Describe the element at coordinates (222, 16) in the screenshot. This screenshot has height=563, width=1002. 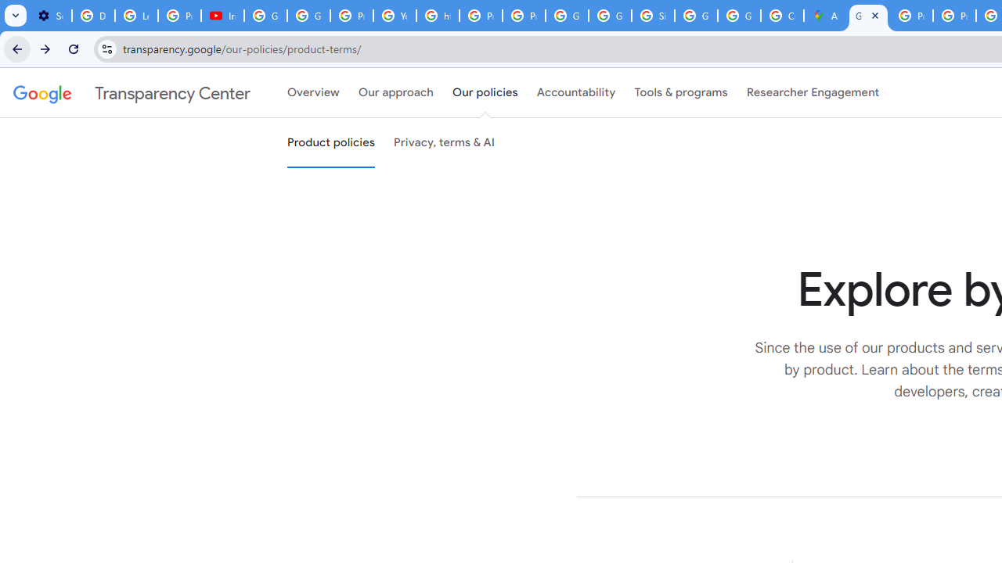
I see `'Introduction | Google Privacy Policy - YouTube'` at that location.